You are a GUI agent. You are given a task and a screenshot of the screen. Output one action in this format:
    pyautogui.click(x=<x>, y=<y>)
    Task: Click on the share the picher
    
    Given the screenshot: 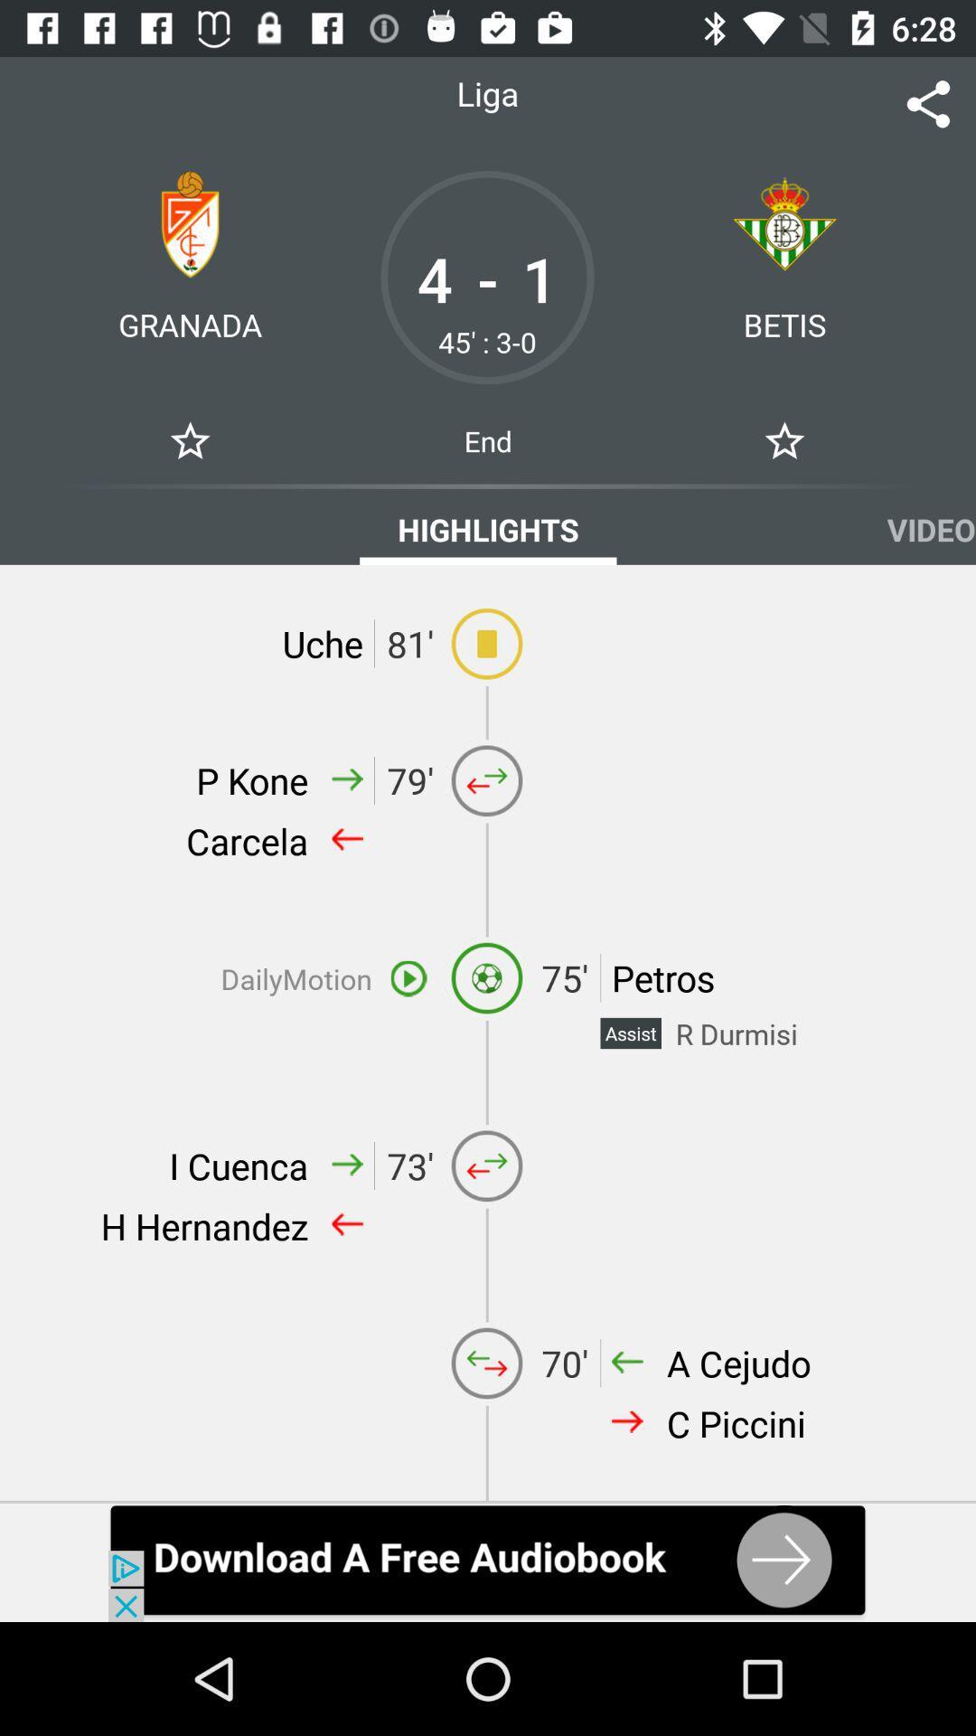 What is the action you would take?
    pyautogui.click(x=928, y=103)
    